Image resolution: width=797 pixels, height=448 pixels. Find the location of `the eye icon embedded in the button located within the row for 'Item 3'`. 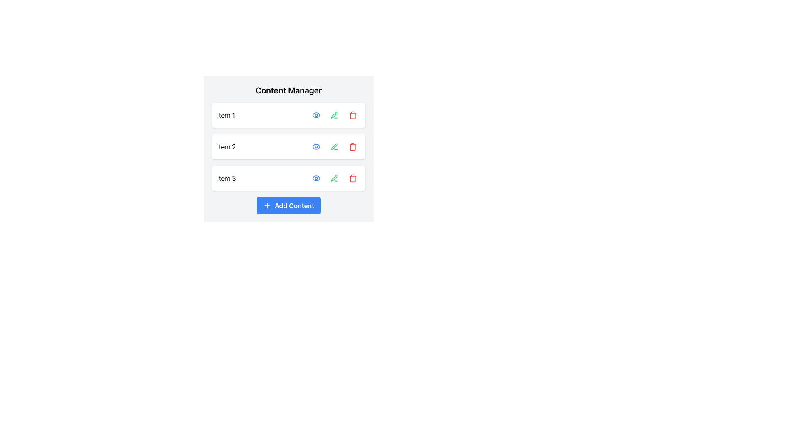

the eye icon embedded in the button located within the row for 'Item 3' is located at coordinates (316, 178).